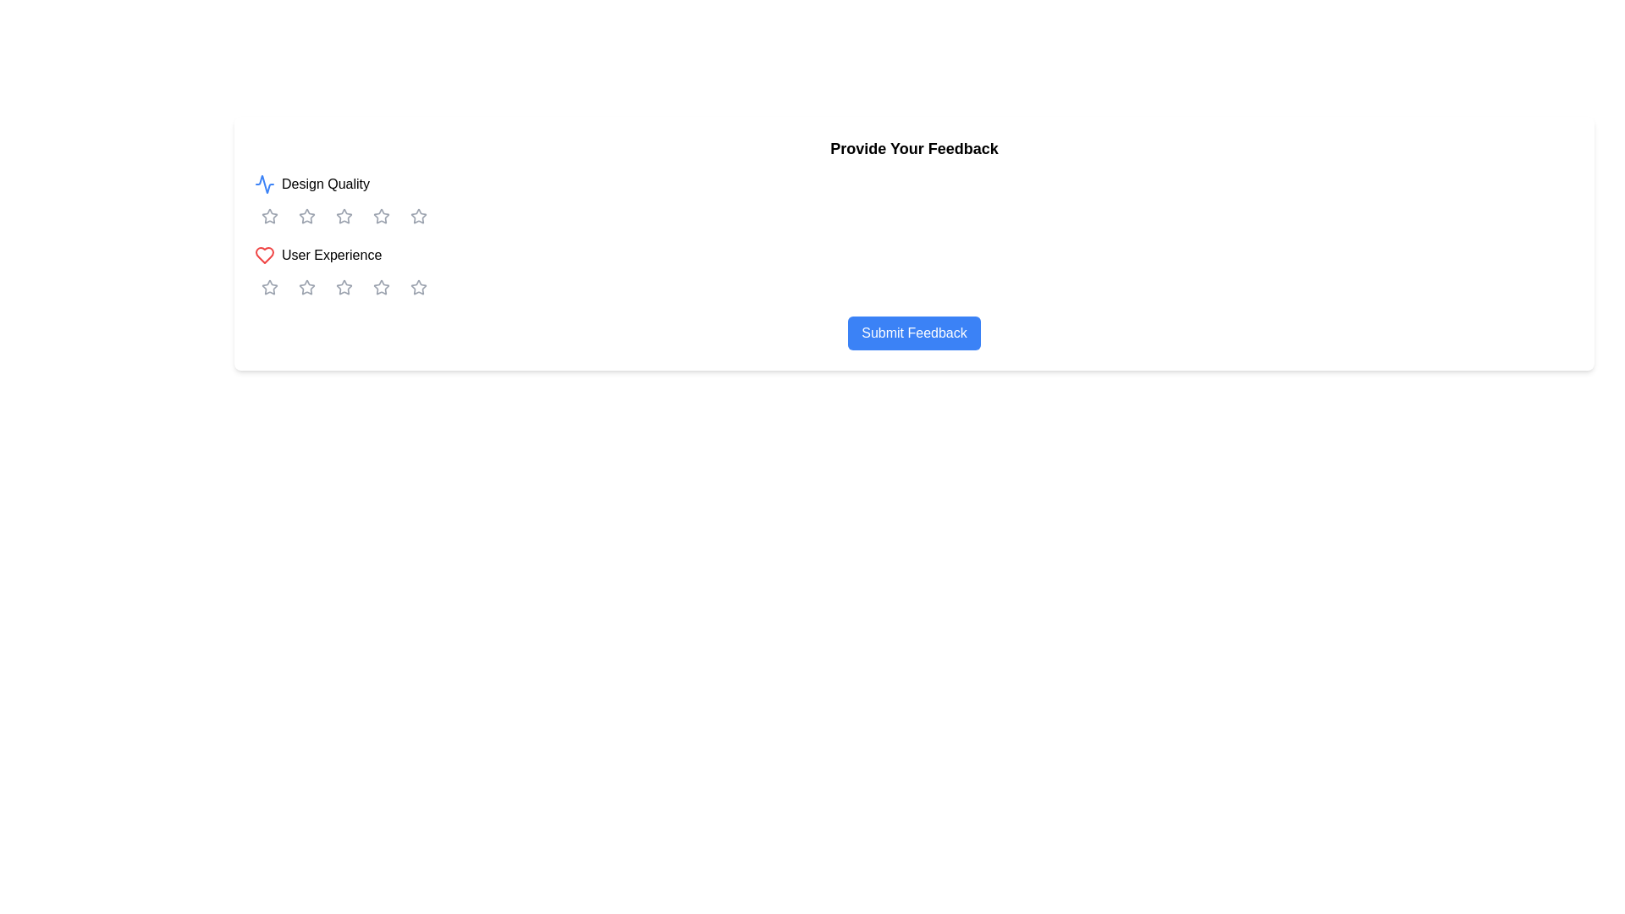 This screenshot has width=1625, height=914. What do you see at coordinates (418, 286) in the screenshot?
I see `the fifth star in the rating icon sequence` at bounding box center [418, 286].